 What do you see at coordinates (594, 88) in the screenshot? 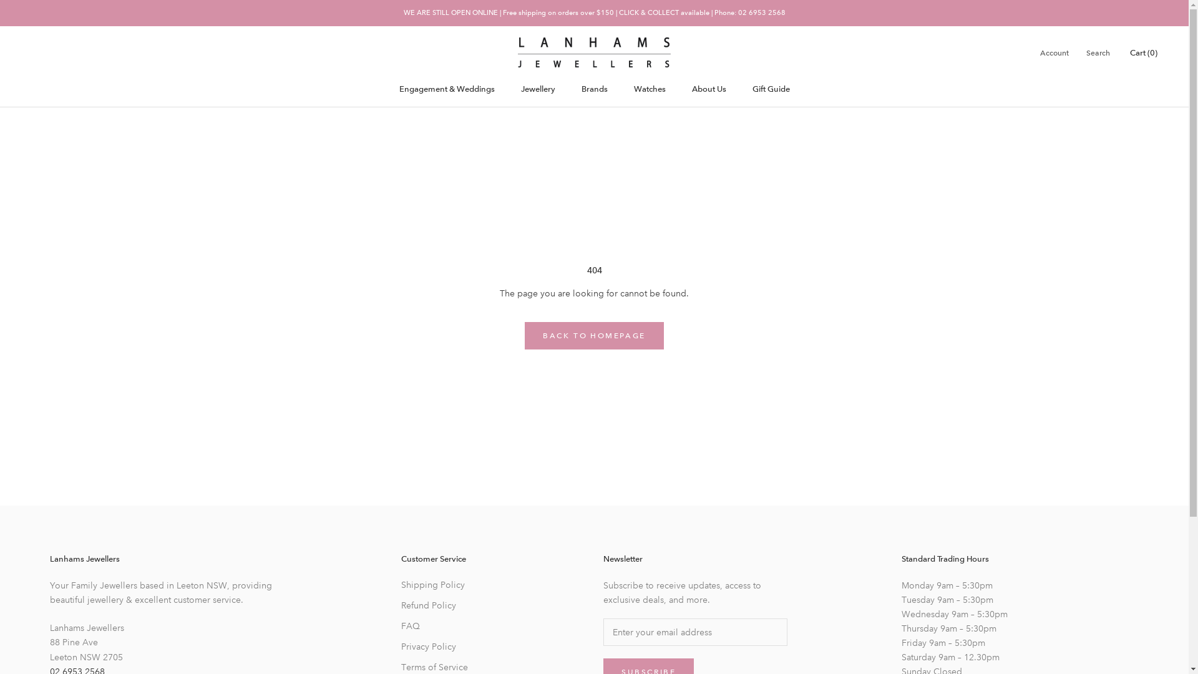
I see `'Brands` at bounding box center [594, 88].